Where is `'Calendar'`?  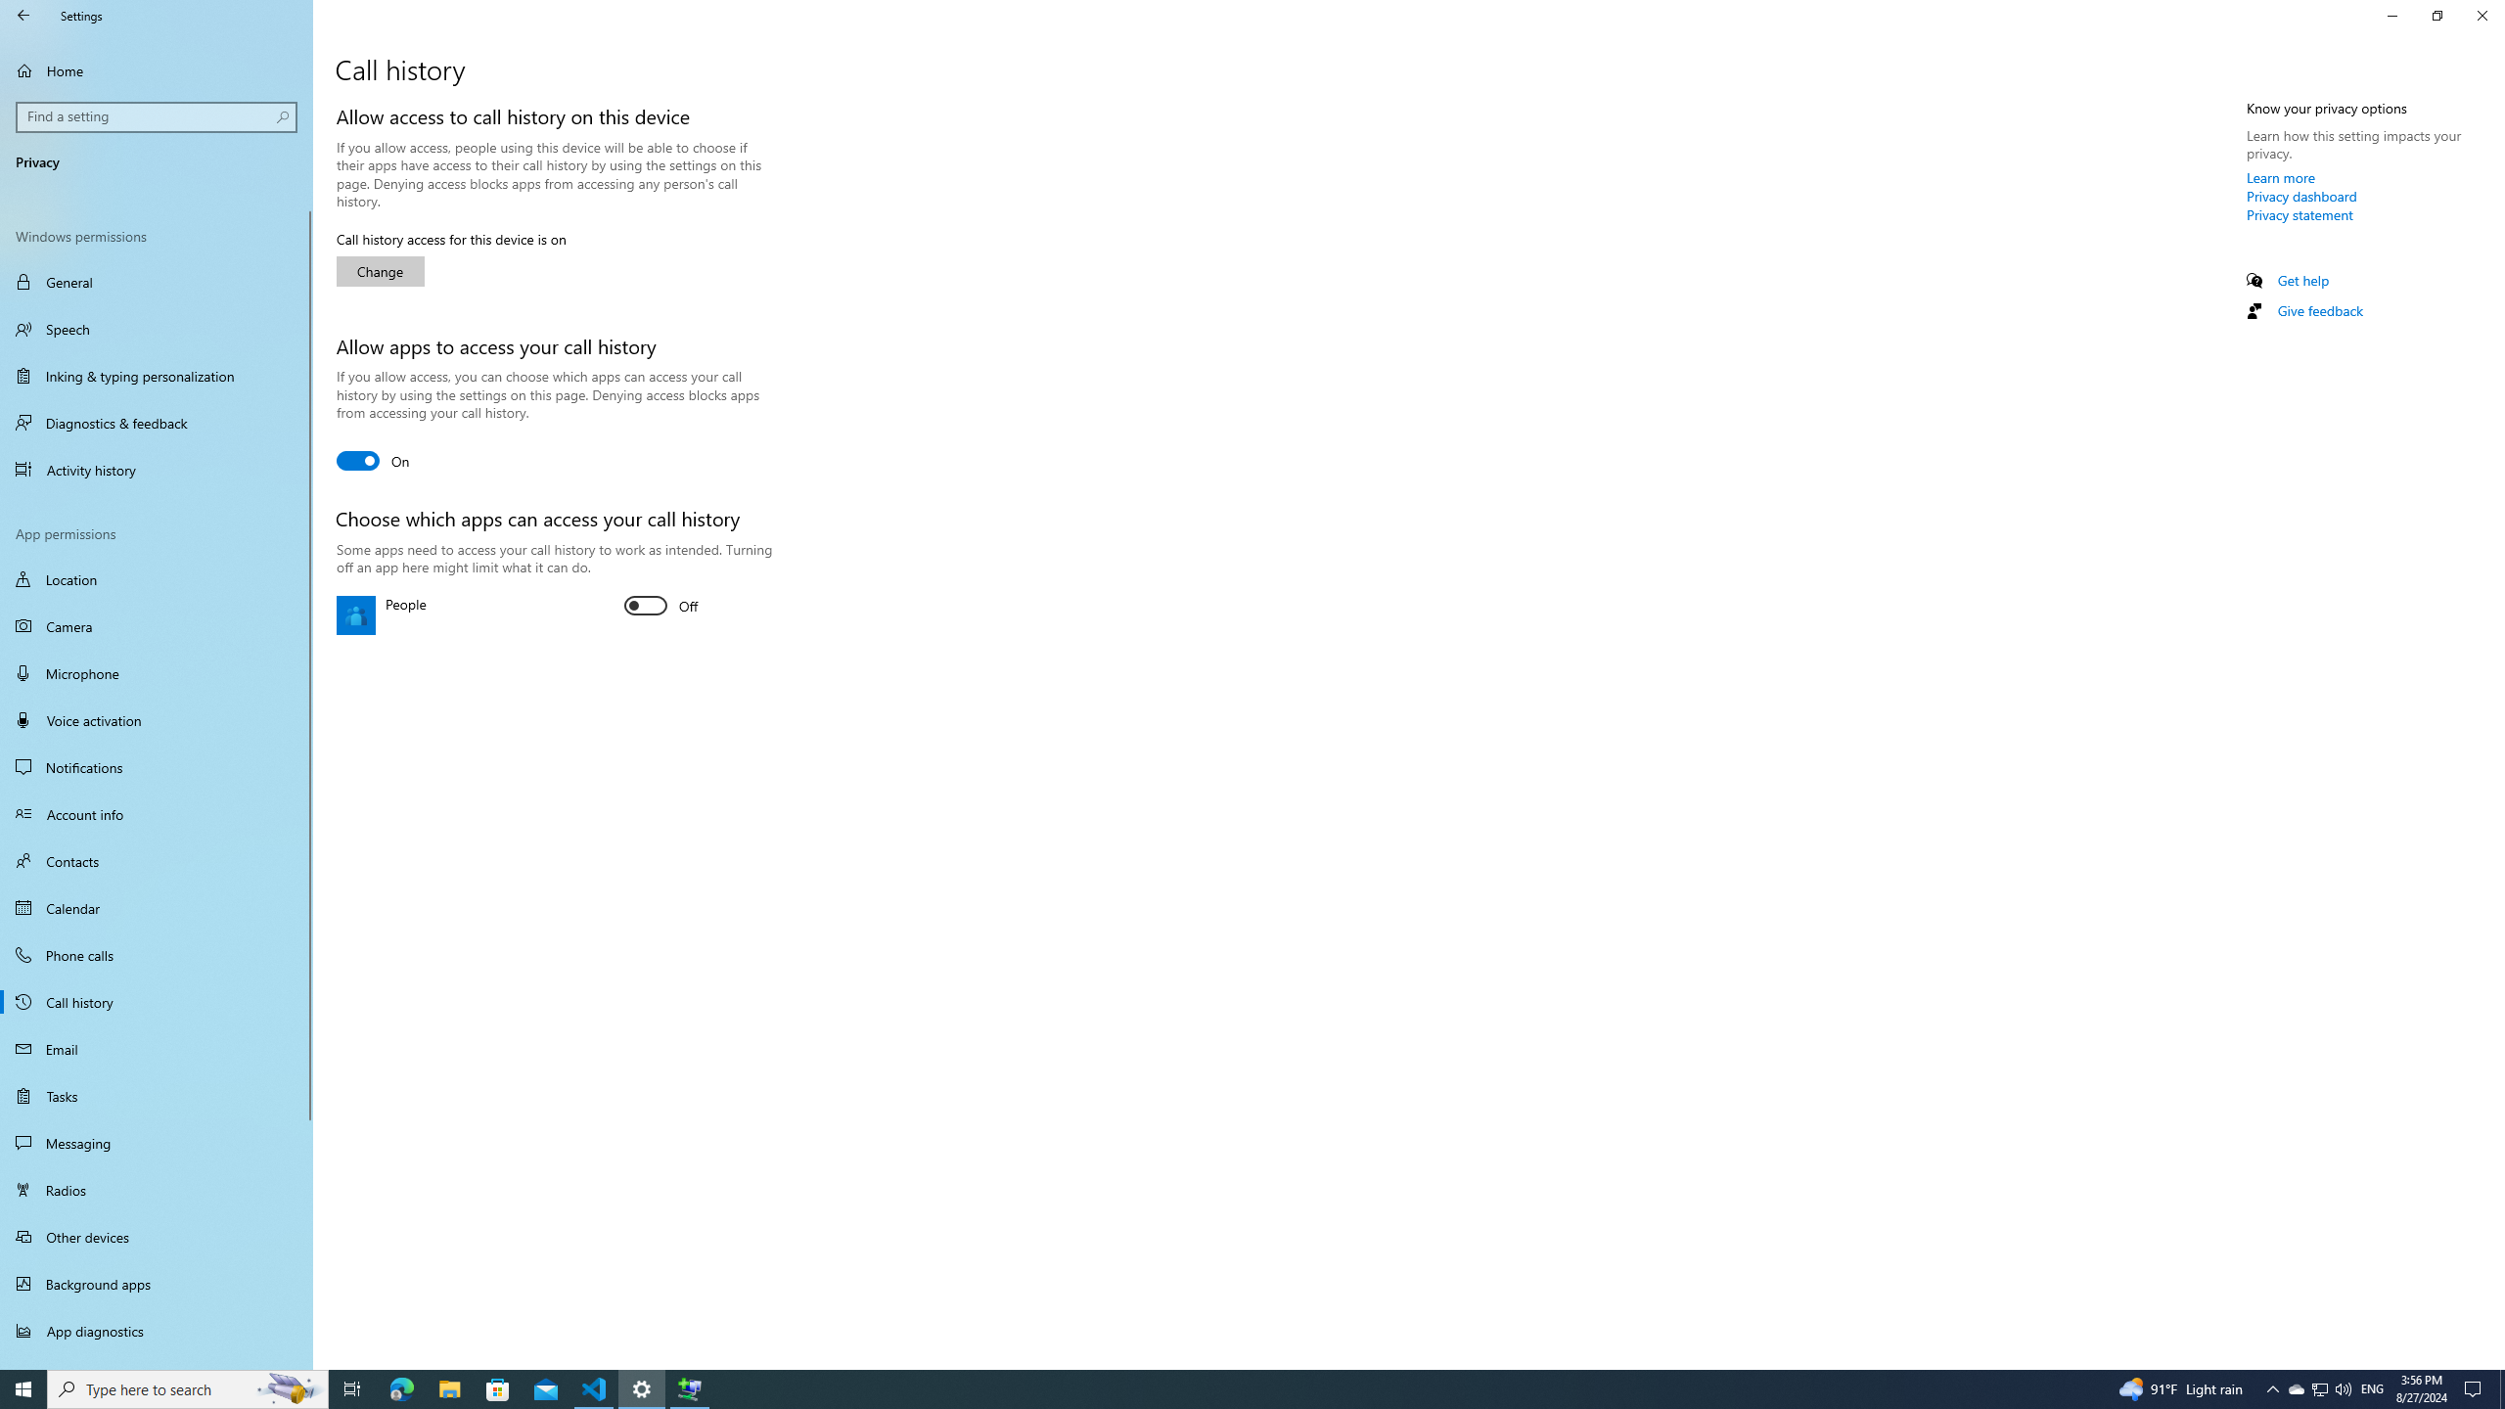
'Calendar' is located at coordinates (156, 907).